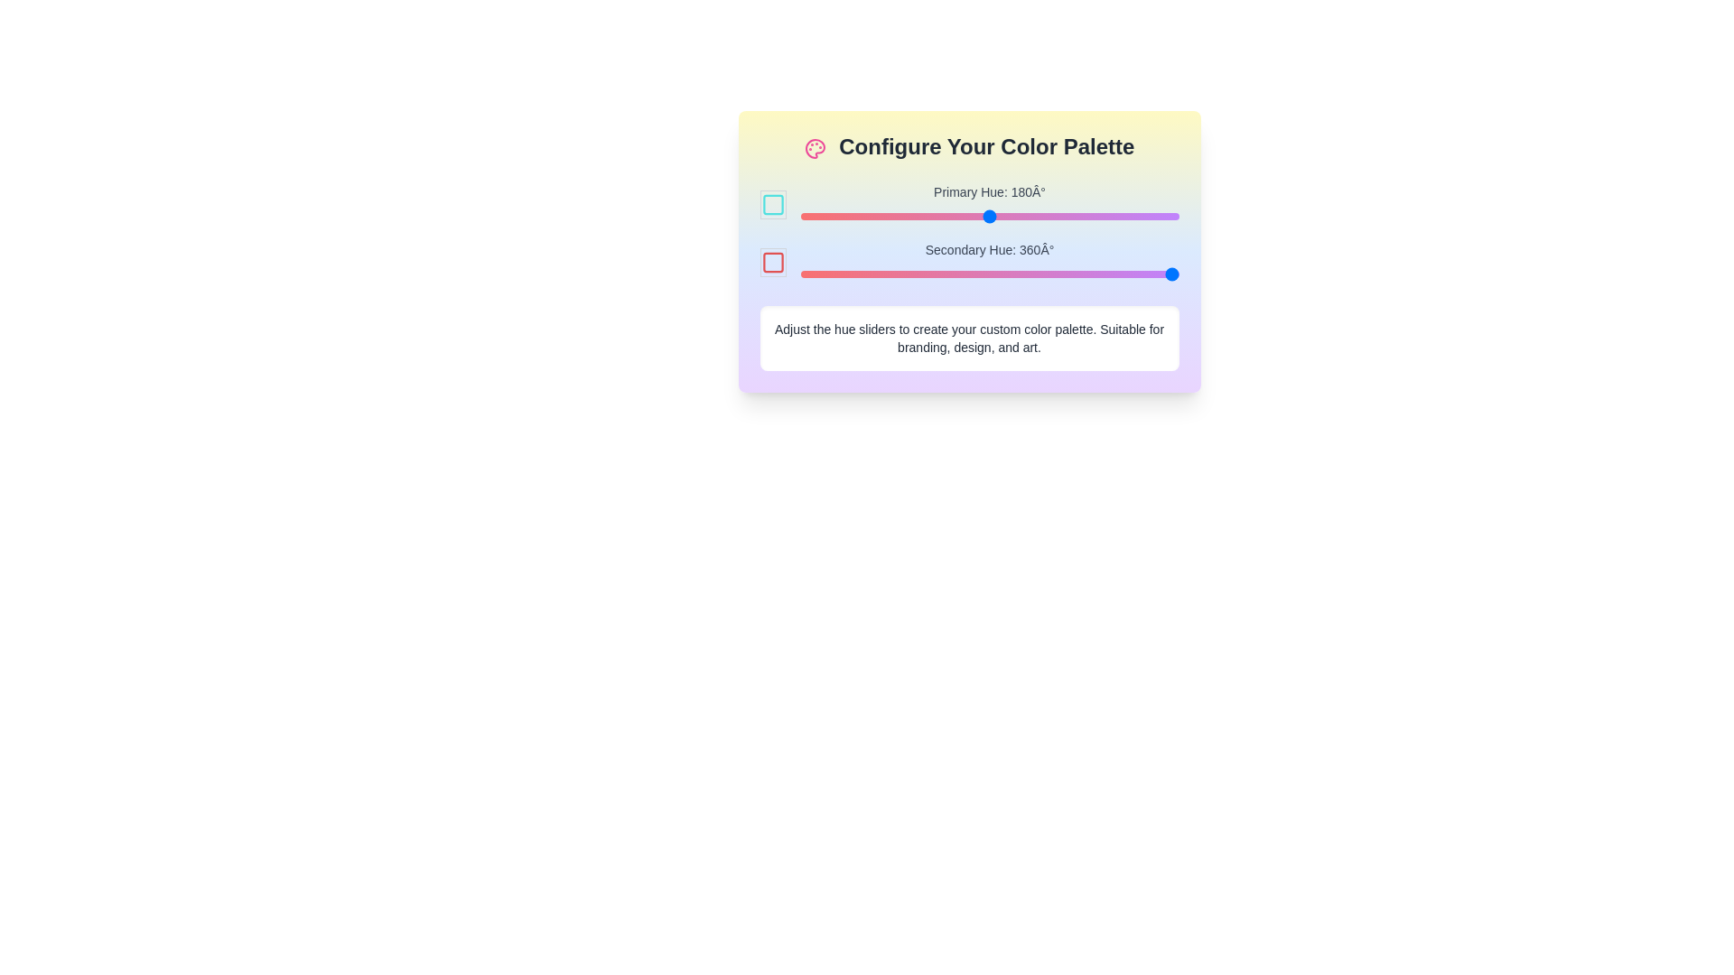 Image resolution: width=1734 pixels, height=975 pixels. Describe the element at coordinates (1039, 274) in the screenshot. I see `the secondary hue slider to 228°` at that location.